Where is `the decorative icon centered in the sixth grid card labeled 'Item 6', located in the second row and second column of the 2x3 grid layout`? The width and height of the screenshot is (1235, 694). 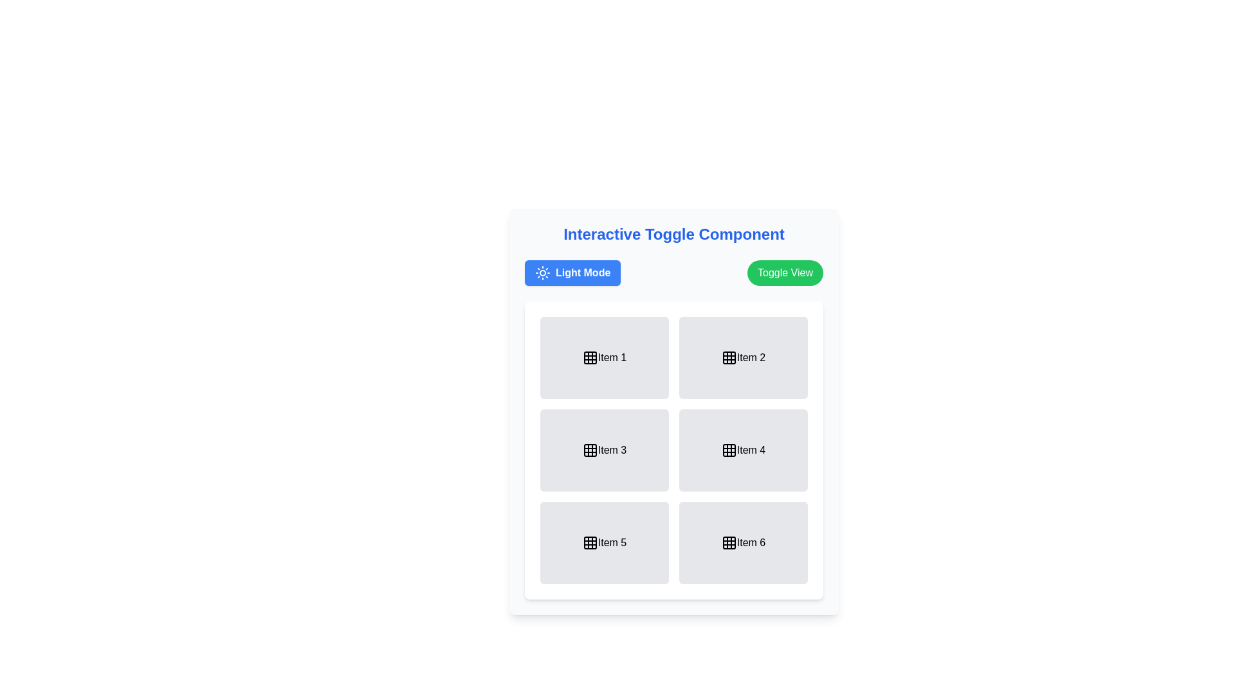 the decorative icon centered in the sixth grid card labeled 'Item 6', located in the second row and second column of the 2x3 grid layout is located at coordinates (729, 542).